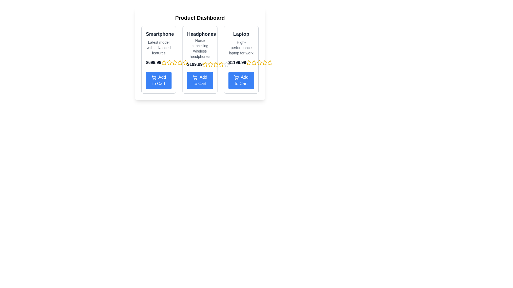 This screenshot has width=513, height=288. Describe the element at coordinates (265, 62) in the screenshot. I see `the visual state of the 7th star icon in the rating system displayed below the price of the laptop product card` at that location.